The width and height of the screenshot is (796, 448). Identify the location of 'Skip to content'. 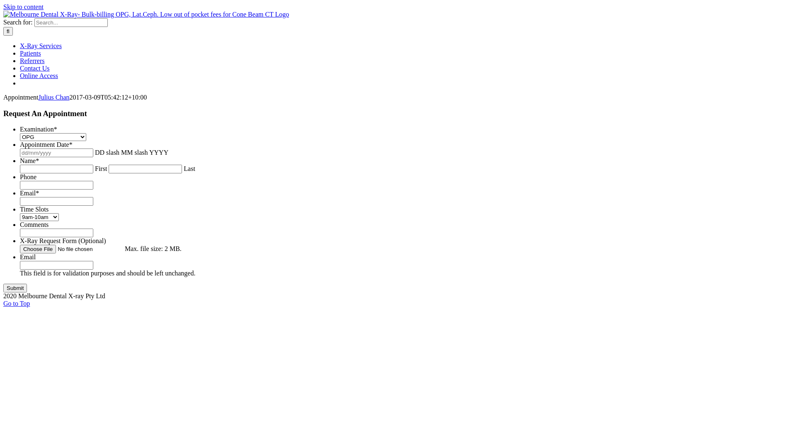
(3, 7).